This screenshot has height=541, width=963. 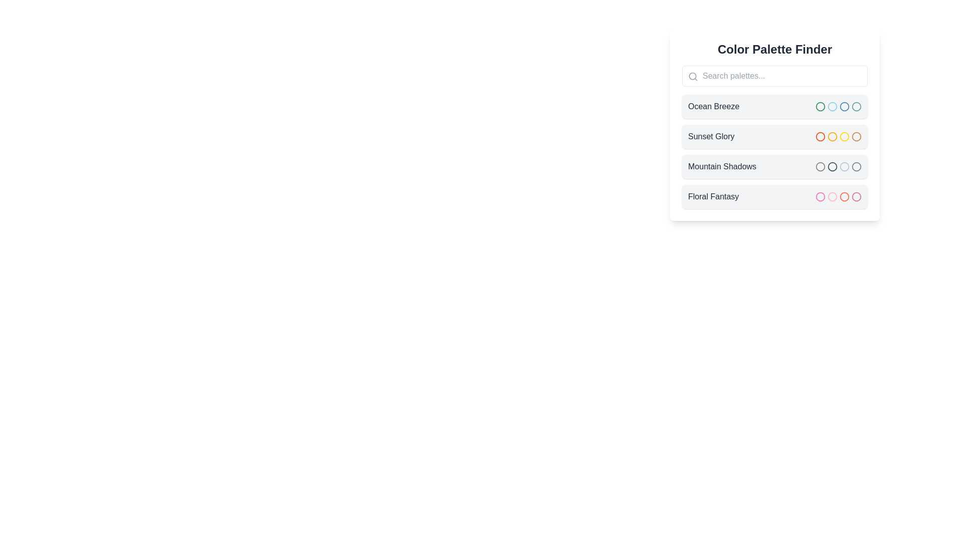 I want to click on the fourth circular icon in the Mountain Shadows color palette located on the right-side panel, so click(x=856, y=166).